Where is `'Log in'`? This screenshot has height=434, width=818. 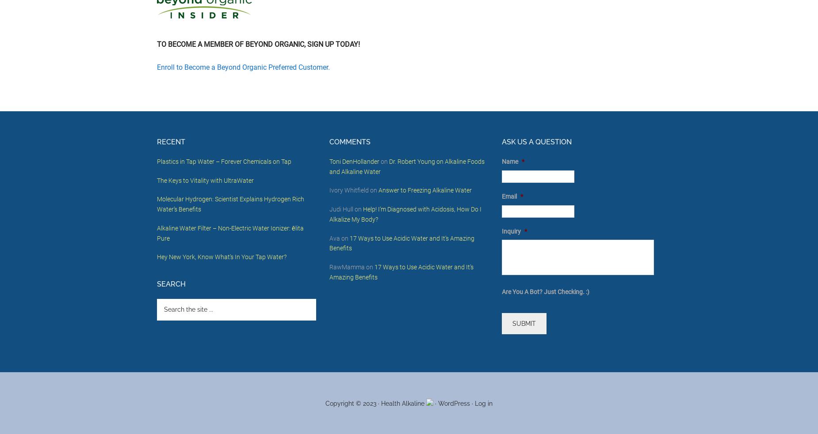 'Log in' is located at coordinates (483, 403).